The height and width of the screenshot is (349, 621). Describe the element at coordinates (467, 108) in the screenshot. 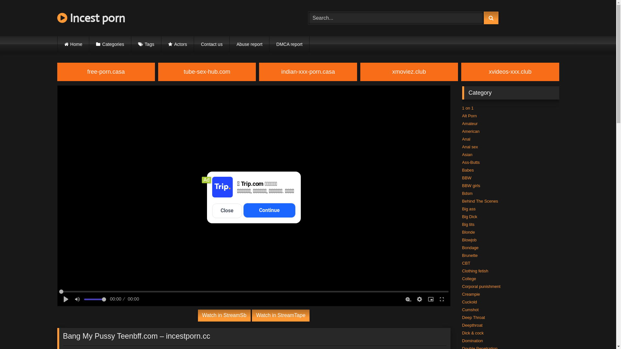

I see `'1 on 1'` at that location.